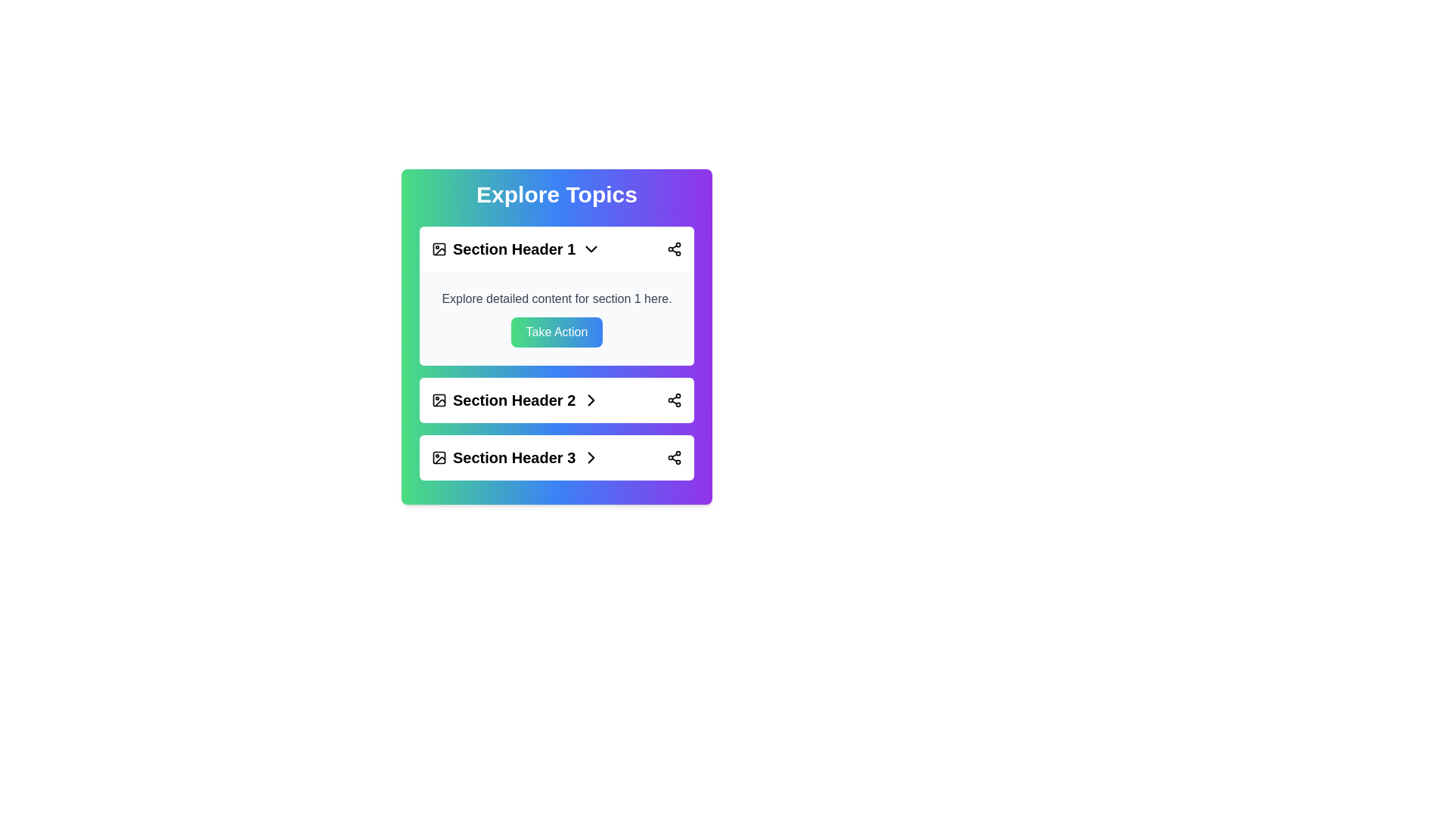  What do you see at coordinates (438, 249) in the screenshot?
I see `the tooltip associated with the SVG rectangle icon located at the top left of 'Section Header 1' in the vertical list` at bounding box center [438, 249].